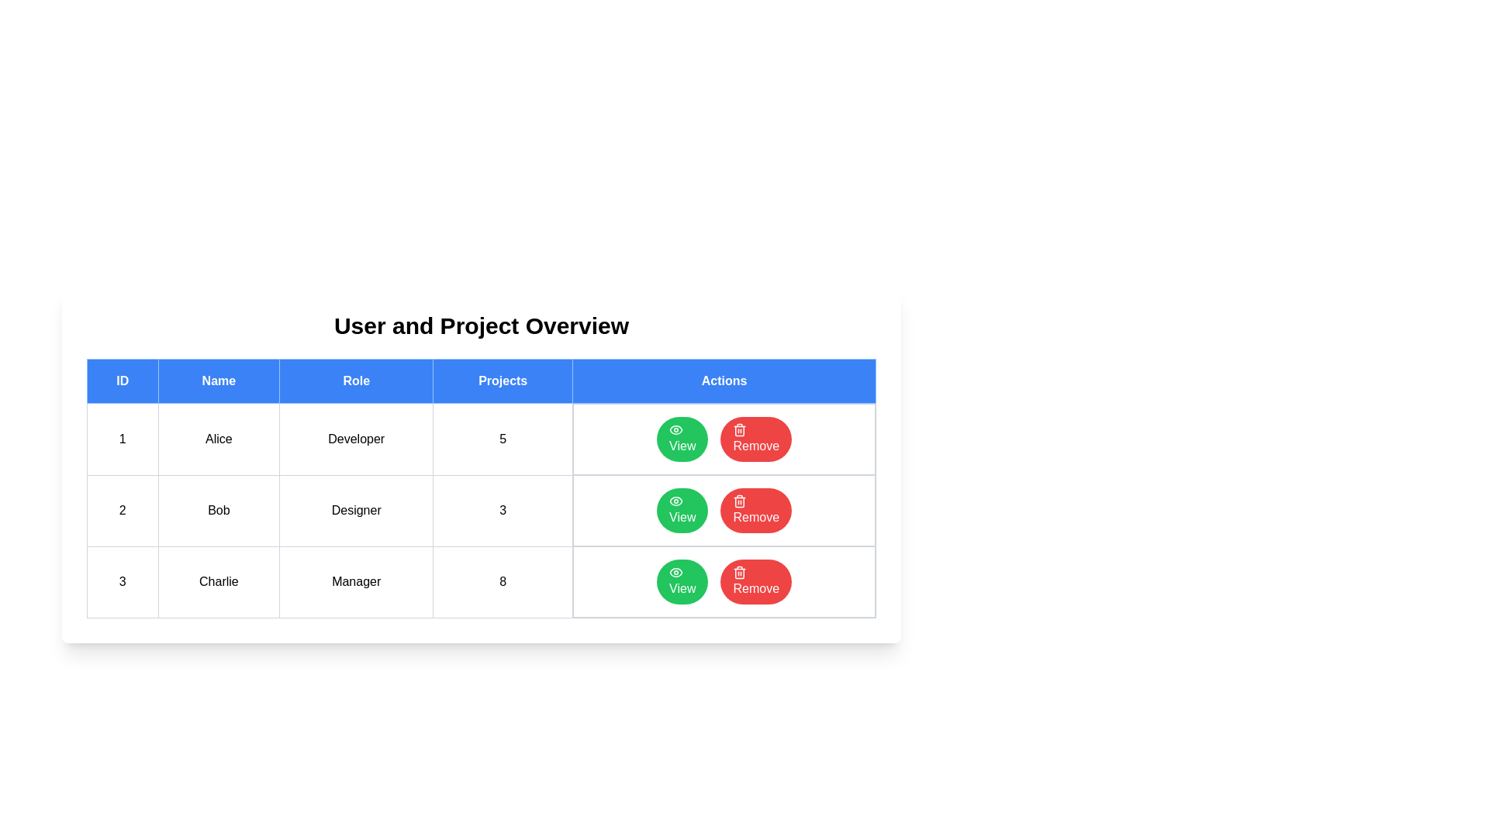 This screenshot has width=1489, height=837. Describe the element at coordinates (682, 439) in the screenshot. I see `the 'View' button corresponding to the user with ID 1` at that location.